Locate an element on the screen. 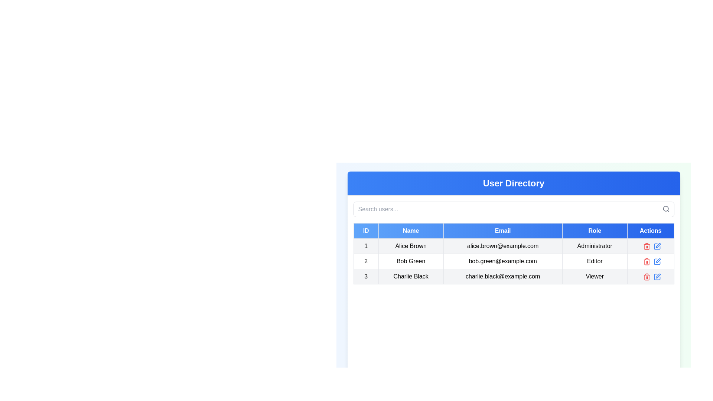  the static text field displaying the email address 'charlie.black@example.com' located in the 'Email' column of the third row in the 'User Directory' section is located at coordinates (503, 276).